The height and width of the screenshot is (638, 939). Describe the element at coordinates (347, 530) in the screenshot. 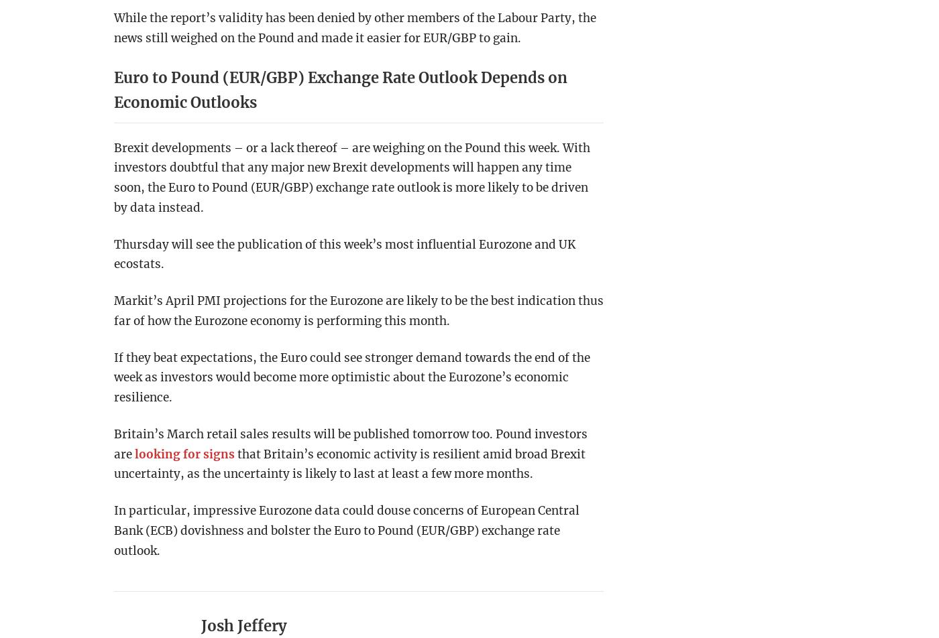

I see `'In particular, impressive Eurozone data could douse concerns of European Central Bank (ECB) dovishness and bolster the Euro to Pound (EUR/GBP) exchange rate outlook.'` at that location.